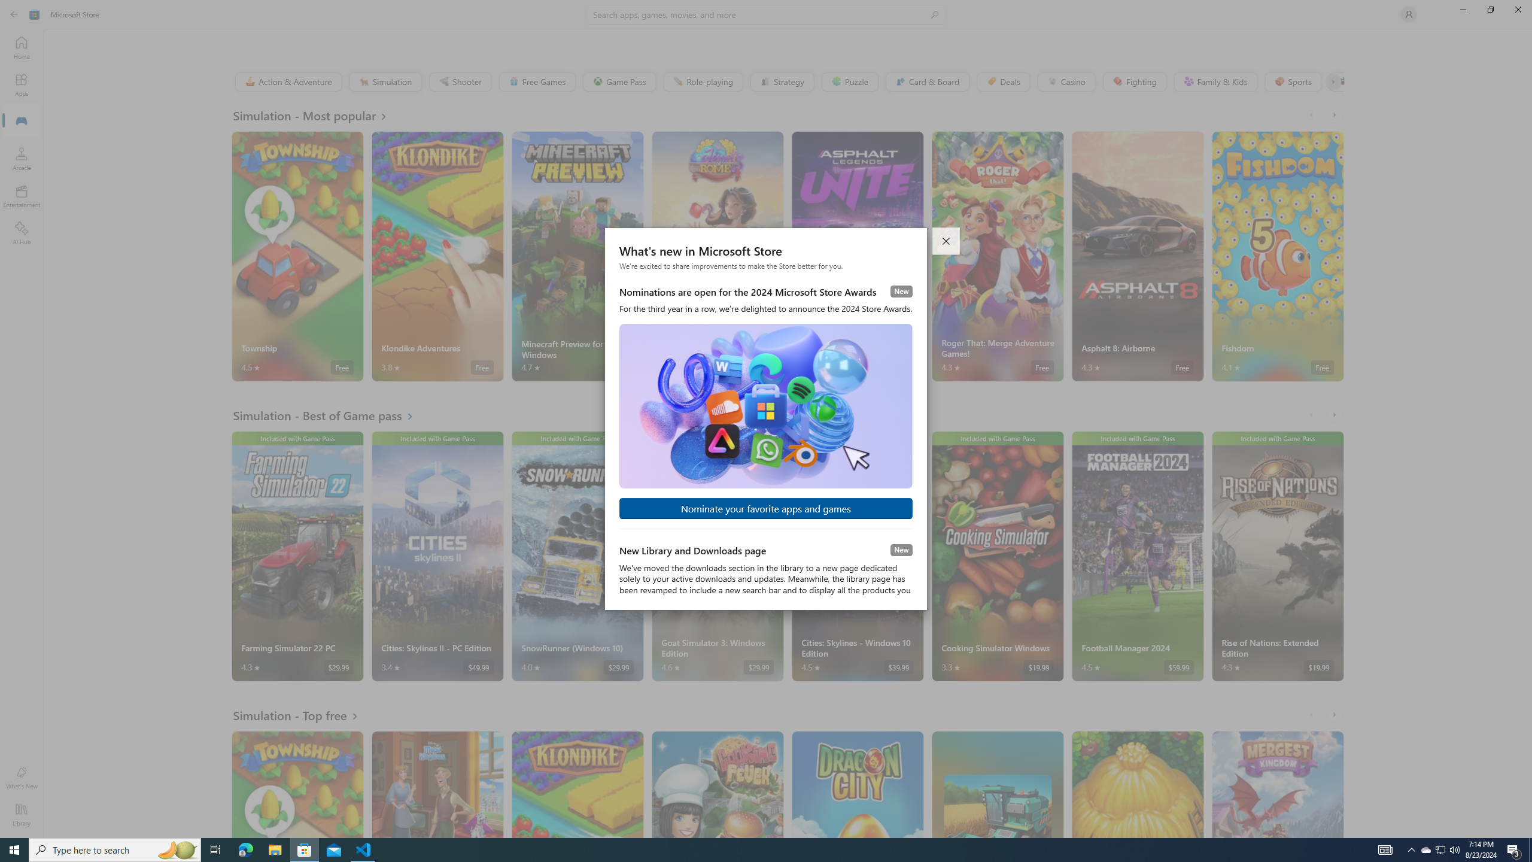 The height and width of the screenshot is (862, 1532). Describe the element at coordinates (619, 81) in the screenshot. I see `'Game Pass'` at that location.